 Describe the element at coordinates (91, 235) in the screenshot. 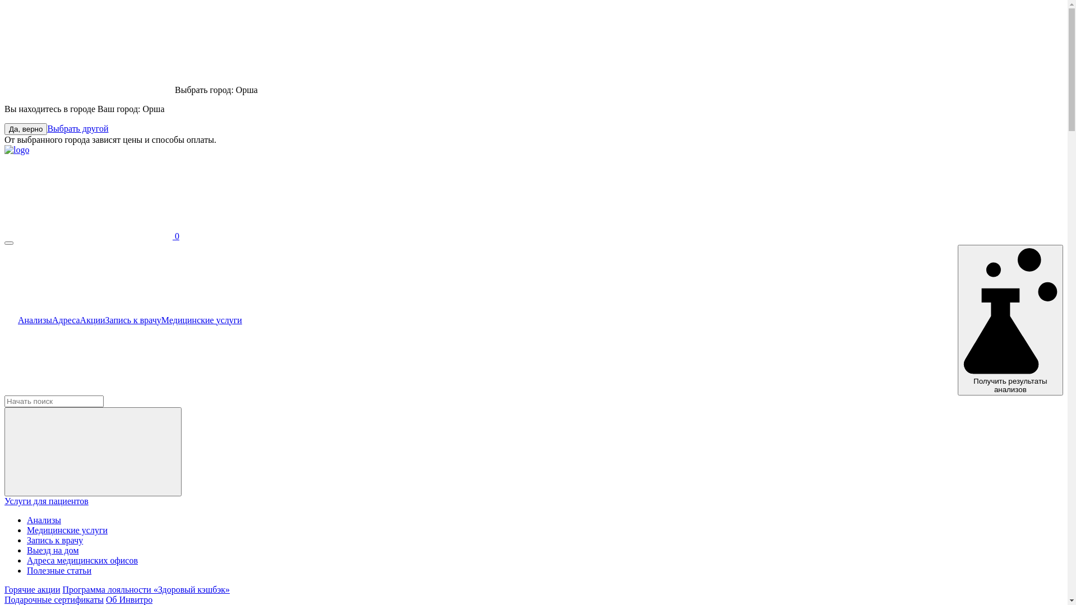

I see `'0'` at that location.